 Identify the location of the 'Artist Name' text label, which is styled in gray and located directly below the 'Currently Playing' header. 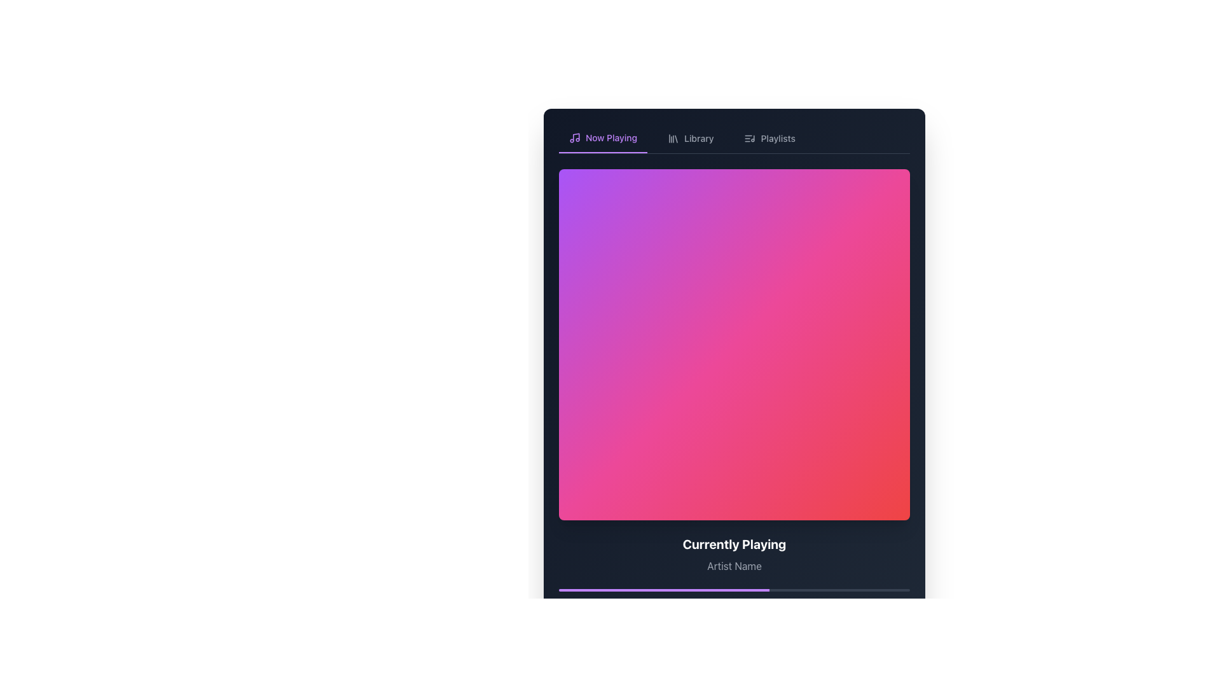
(735, 566).